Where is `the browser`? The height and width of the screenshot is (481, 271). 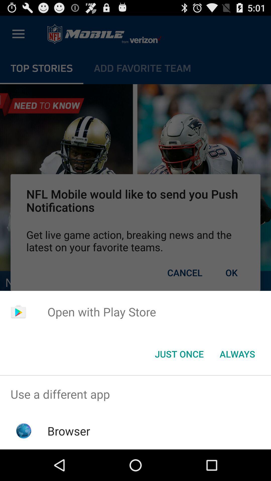 the browser is located at coordinates (69, 431).